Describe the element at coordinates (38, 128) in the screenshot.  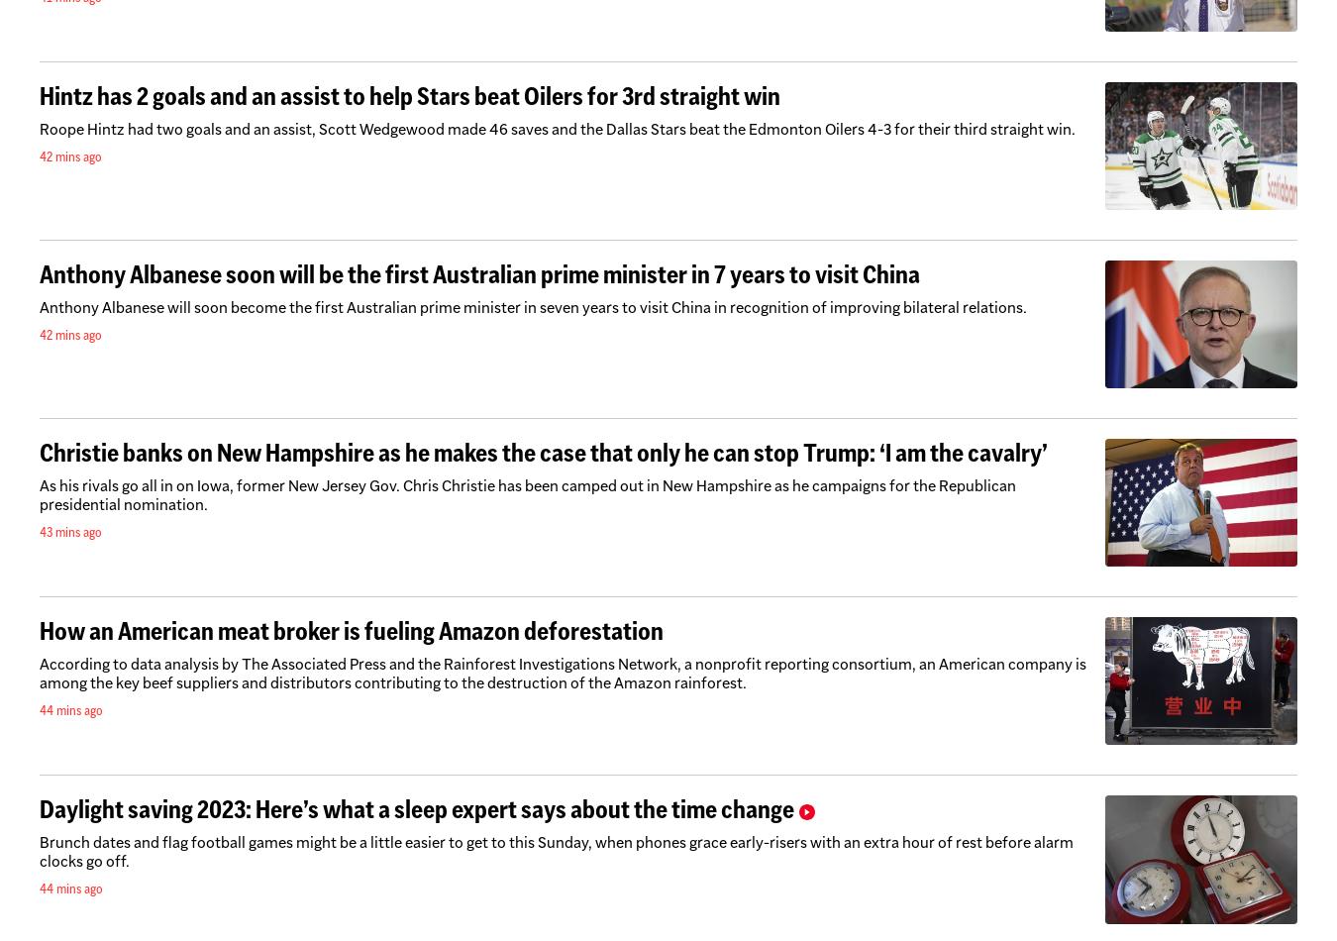
I see `'Roope Hintz had two goals and an assist, Scott Wedgewood made 46 saves and the Dallas Stars beat the Edmonton Oilers 4-3 for their third straight win.'` at that location.